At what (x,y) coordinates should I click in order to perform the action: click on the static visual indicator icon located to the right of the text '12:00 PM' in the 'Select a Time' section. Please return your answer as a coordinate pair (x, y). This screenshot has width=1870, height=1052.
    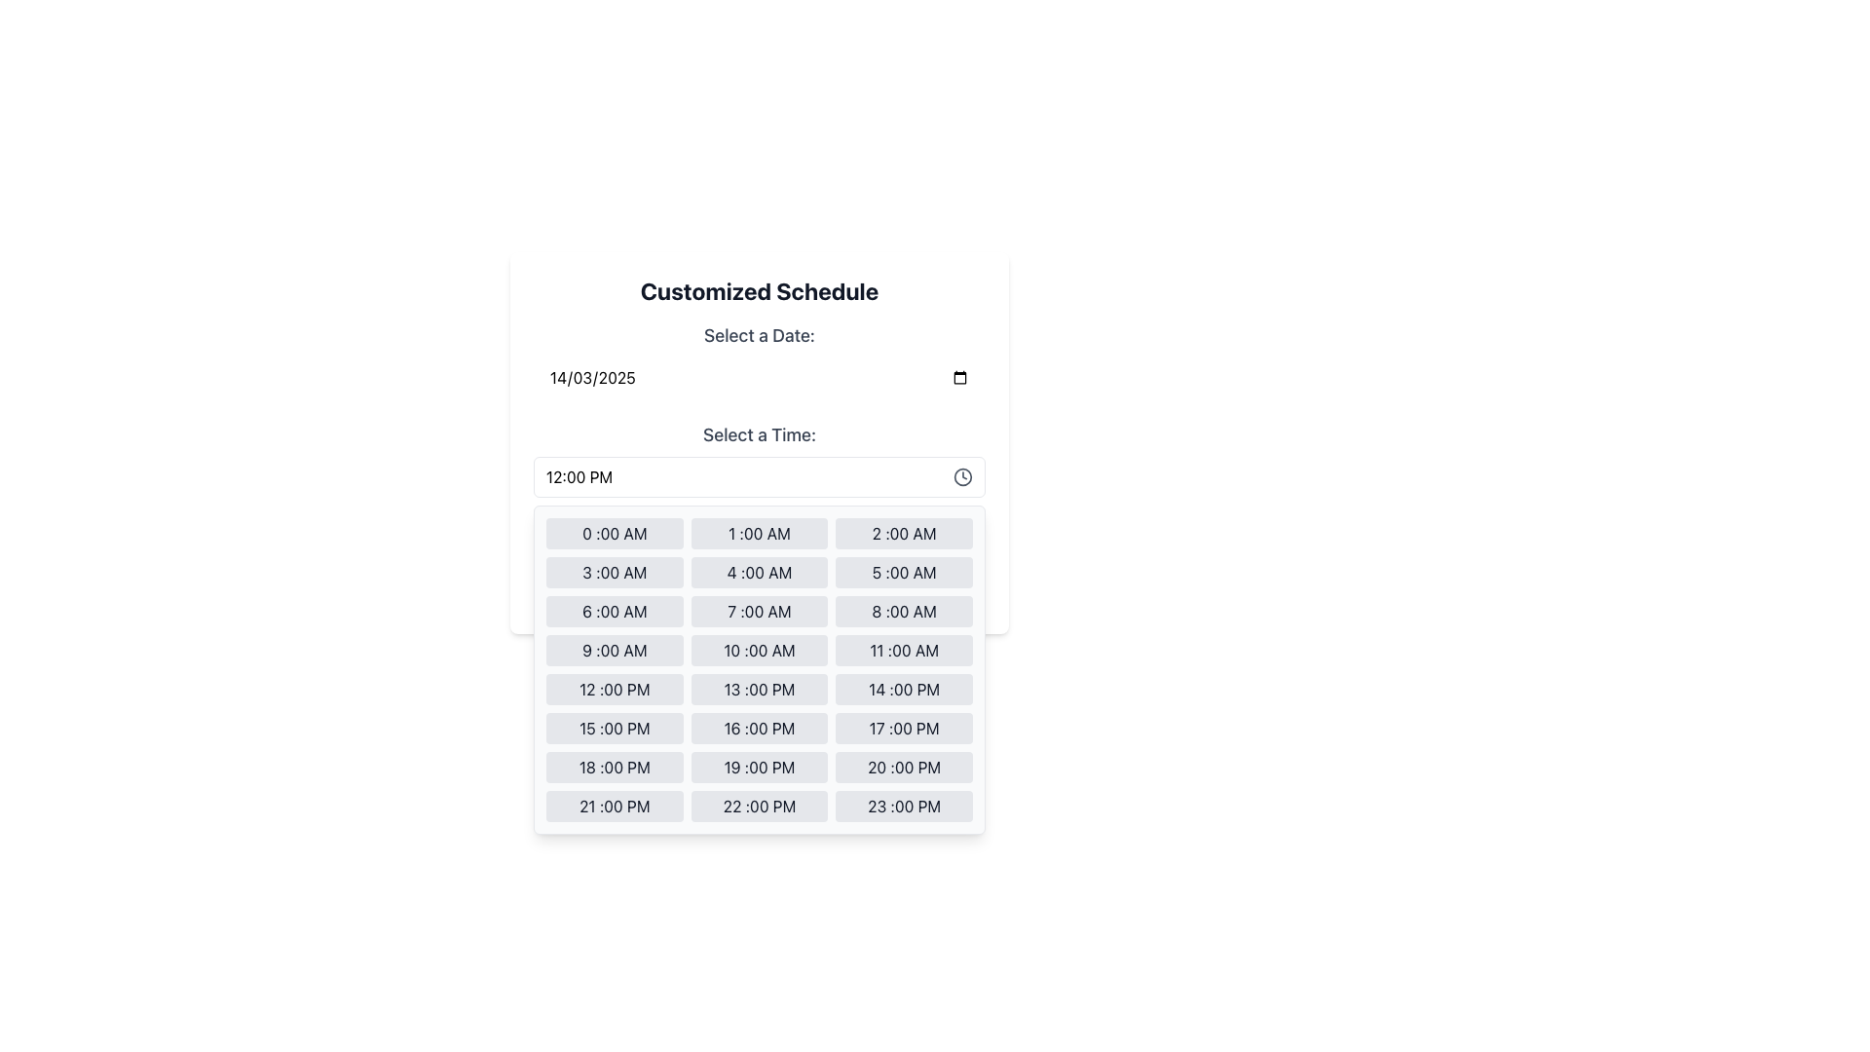
    Looking at the image, I should click on (962, 476).